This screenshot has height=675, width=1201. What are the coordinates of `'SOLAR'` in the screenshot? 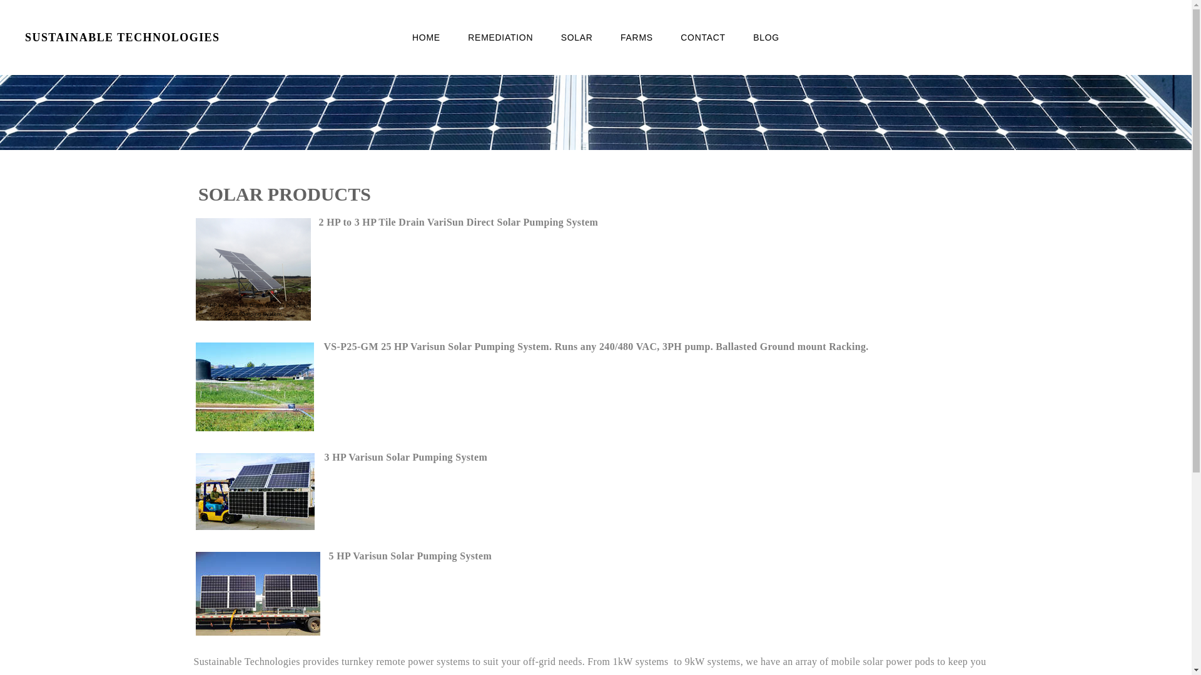 It's located at (576, 37).